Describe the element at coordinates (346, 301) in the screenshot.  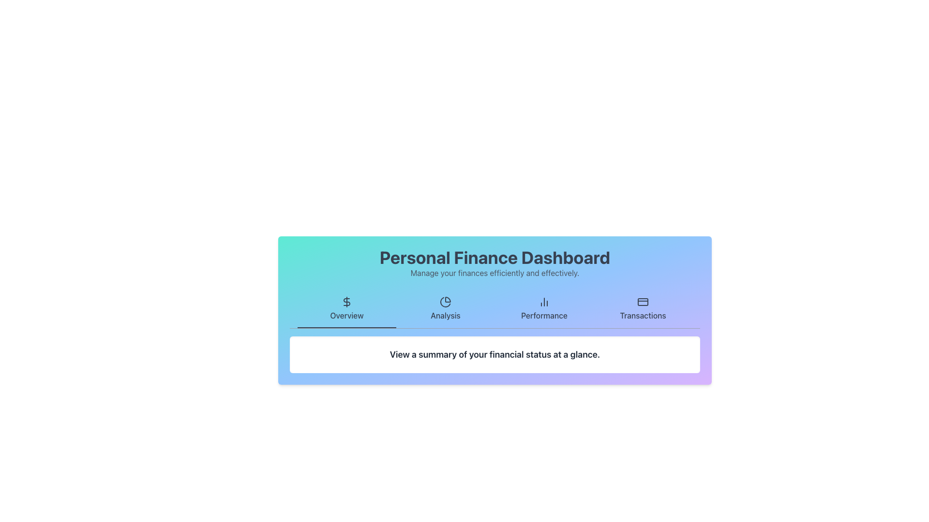
I see `the dollar sign icon located in the Overview section of the navigation bar, which is styled in a clean, minimalist fashion and conveys financial concepts` at that location.